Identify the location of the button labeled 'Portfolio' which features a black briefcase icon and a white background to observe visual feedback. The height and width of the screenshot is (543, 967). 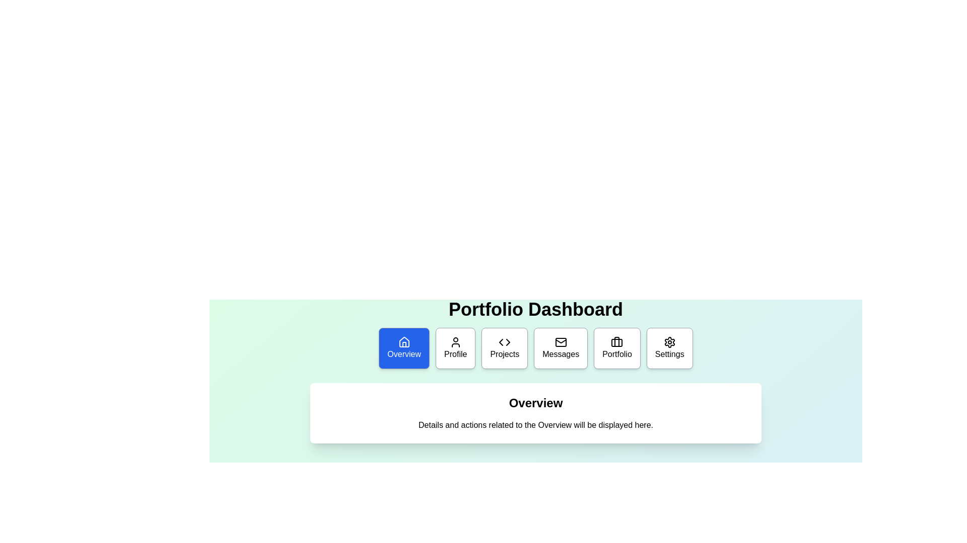
(616, 348).